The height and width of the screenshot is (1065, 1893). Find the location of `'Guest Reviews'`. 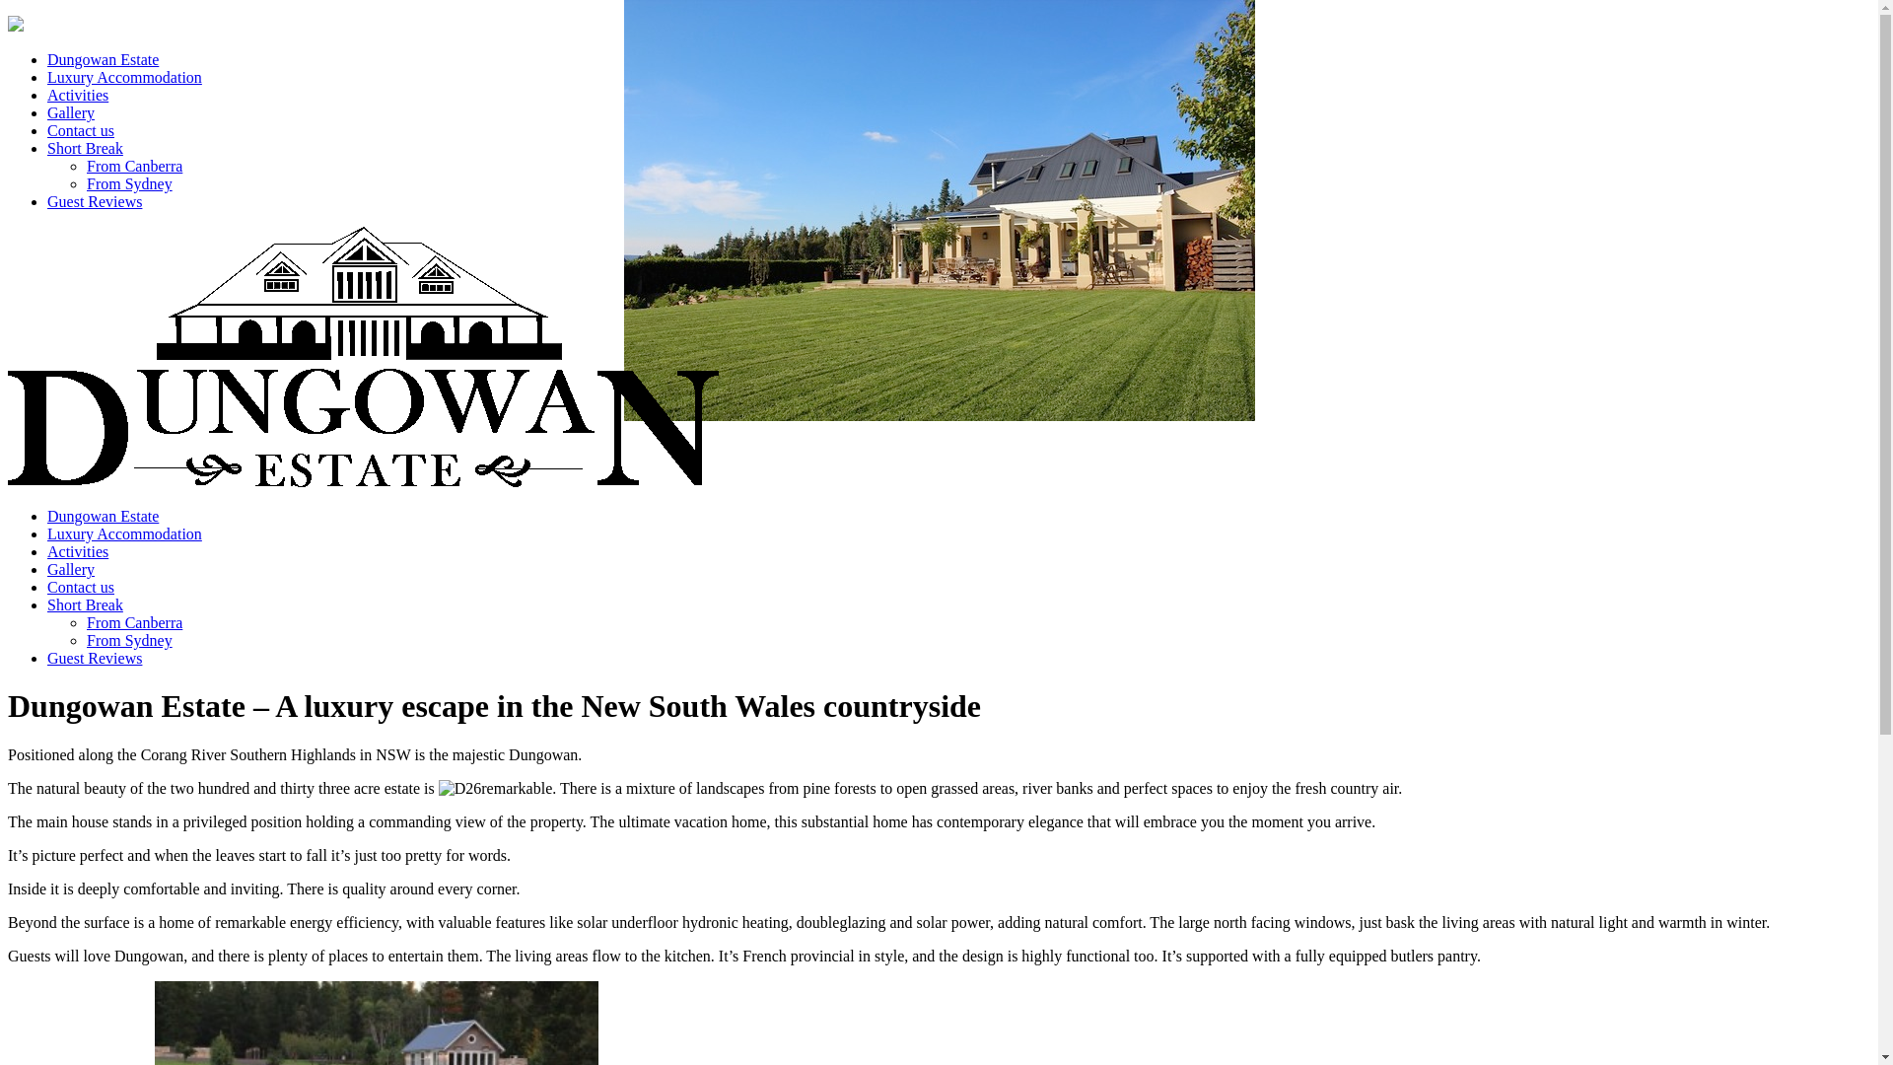

'Guest Reviews' is located at coordinates (47, 658).